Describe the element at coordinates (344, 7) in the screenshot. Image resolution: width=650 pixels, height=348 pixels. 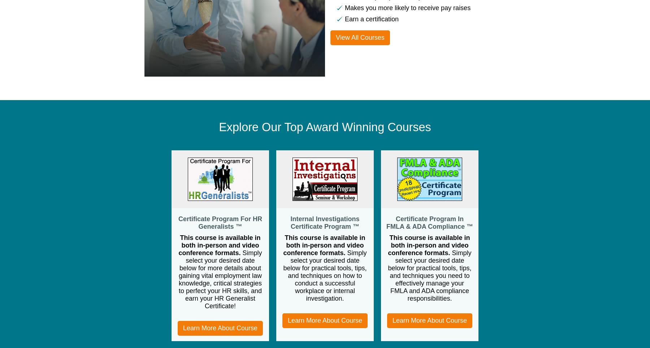
I see `'Makes you more likely to receive pay raises'` at that location.